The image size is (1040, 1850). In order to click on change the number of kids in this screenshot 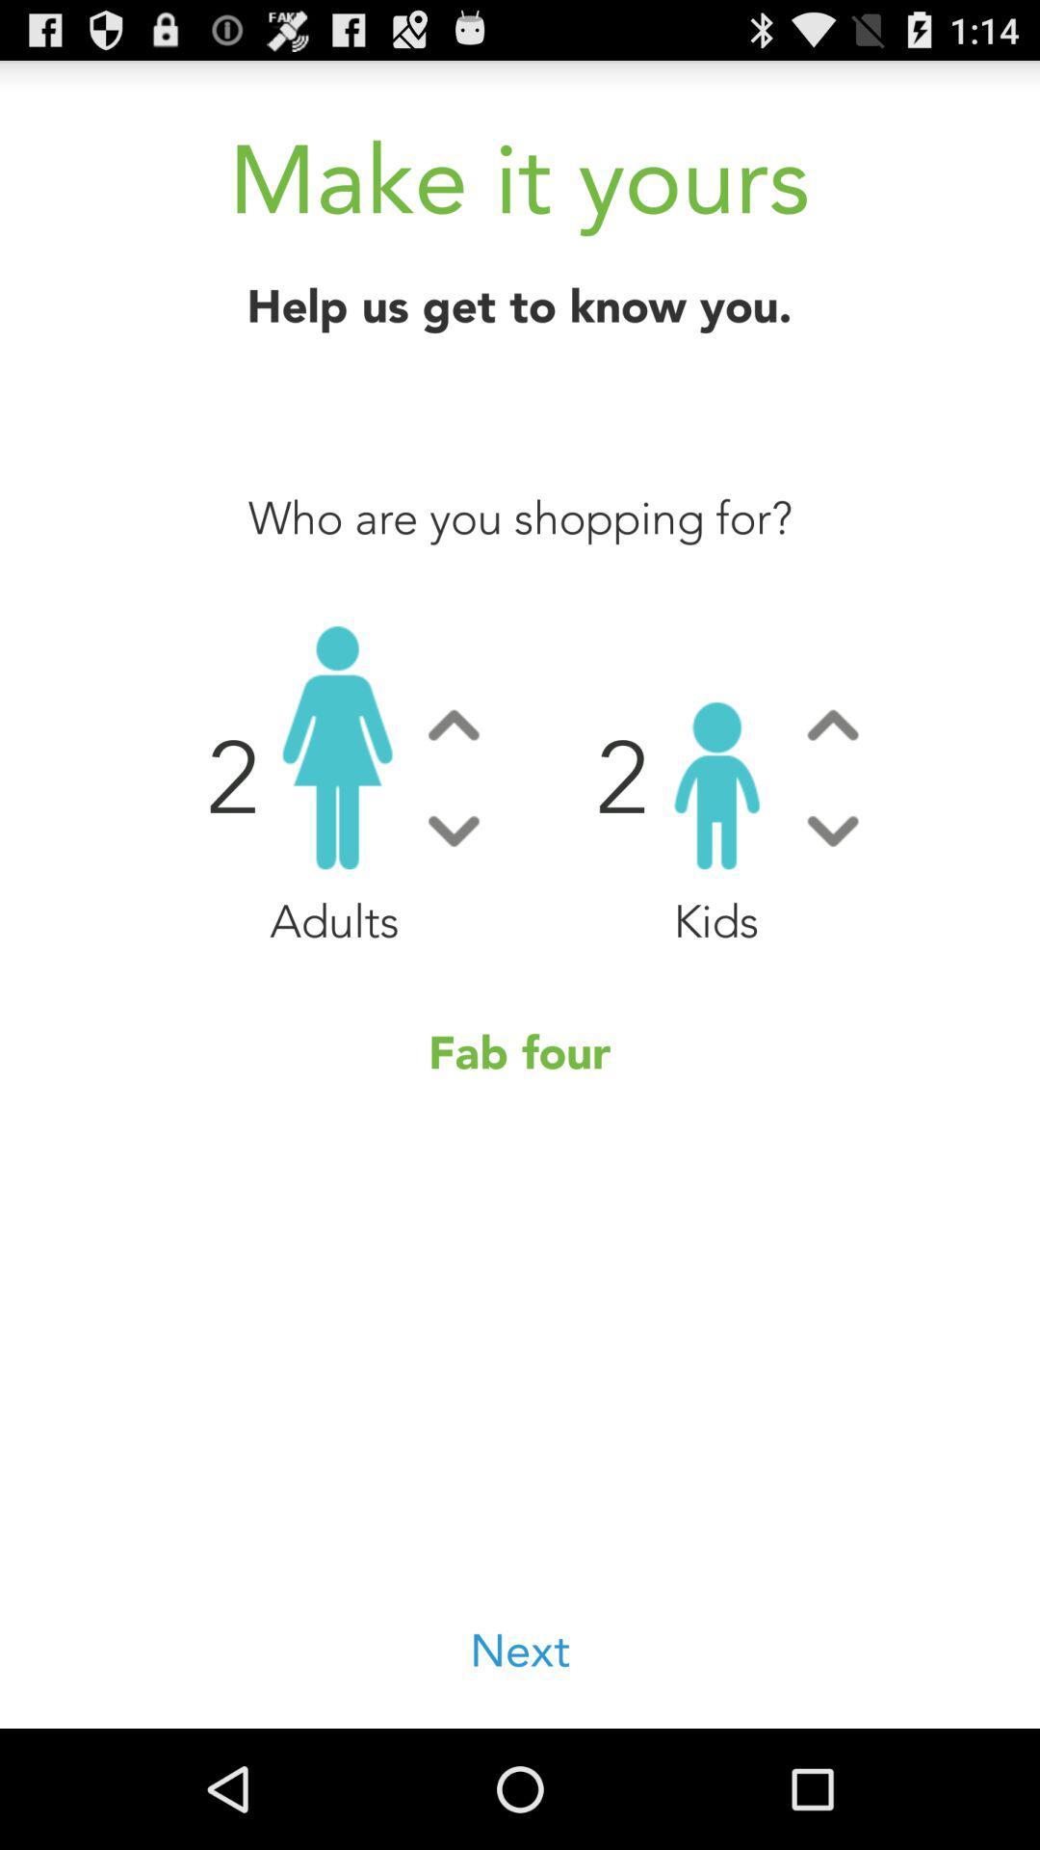, I will do `click(832, 724)`.